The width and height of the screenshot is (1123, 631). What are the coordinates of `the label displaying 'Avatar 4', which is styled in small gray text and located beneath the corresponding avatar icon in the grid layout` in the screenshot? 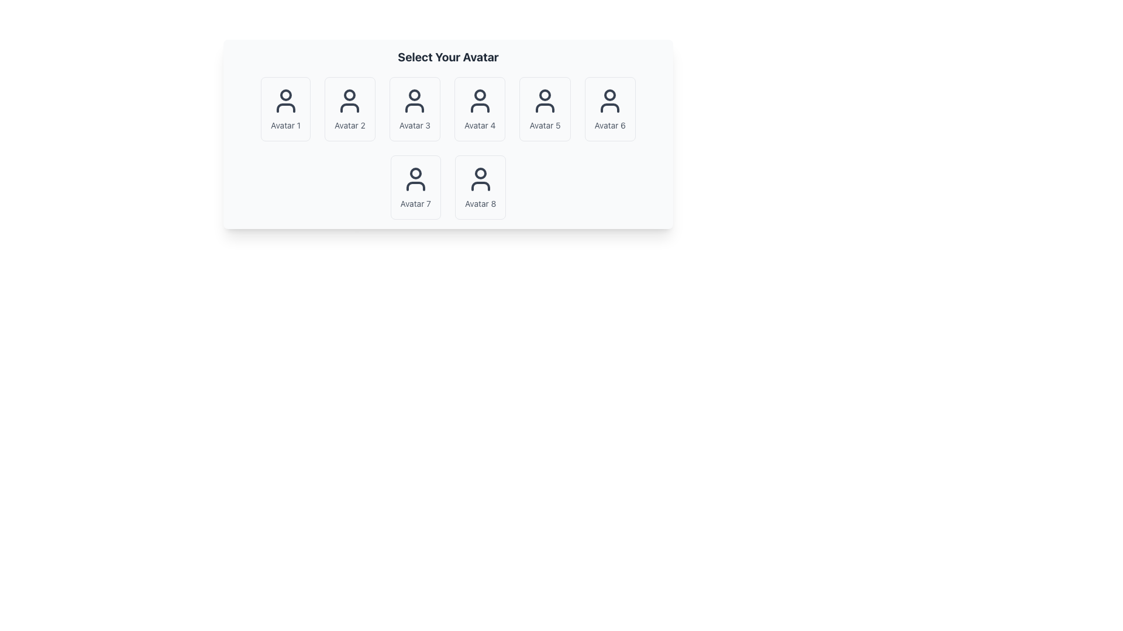 It's located at (480, 126).